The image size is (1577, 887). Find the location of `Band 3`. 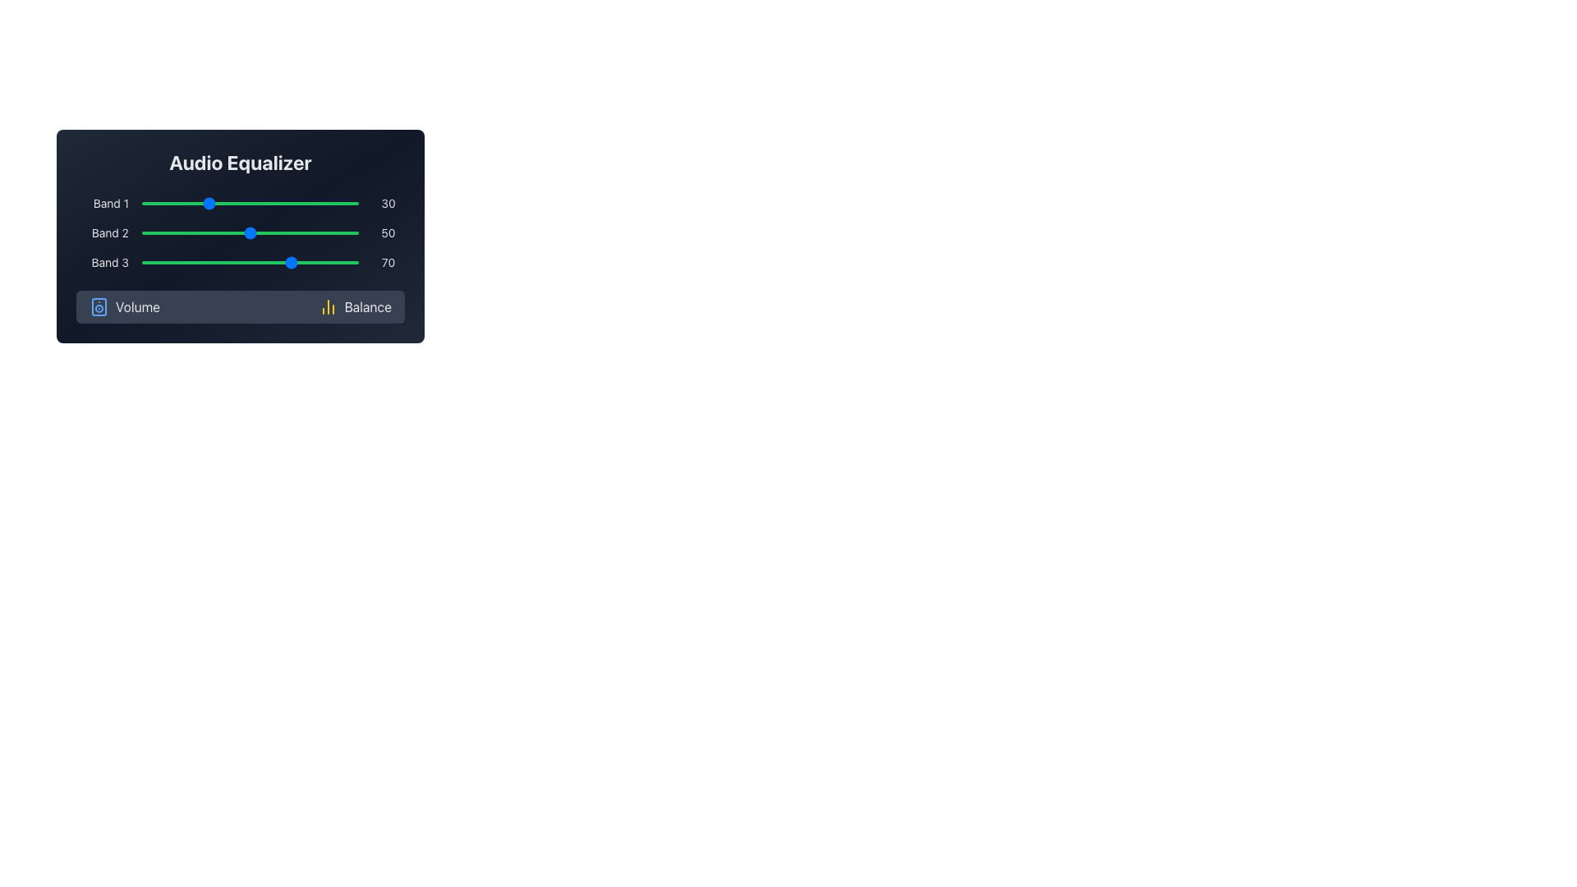

Band 3 is located at coordinates (241, 262).